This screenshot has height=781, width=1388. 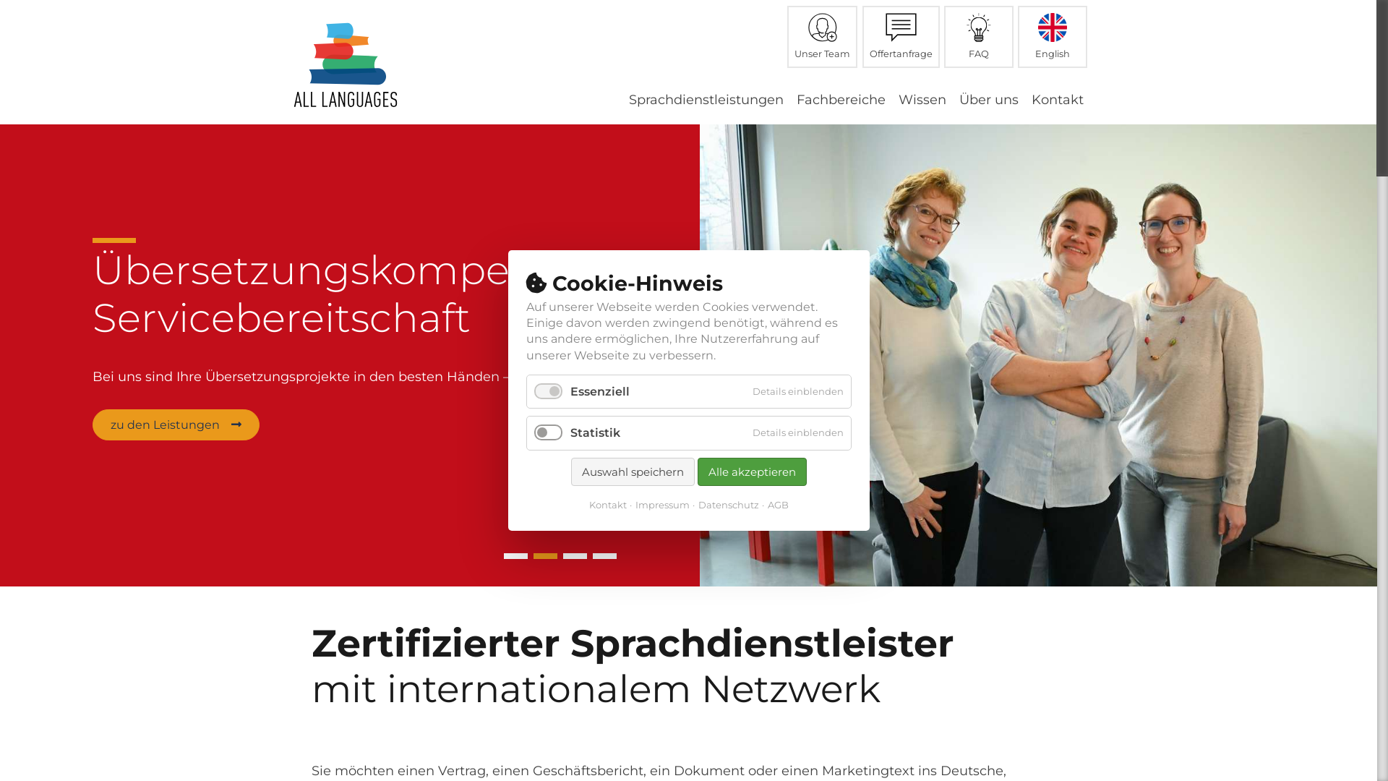 I want to click on 'Details einblenden', so click(x=797, y=391).